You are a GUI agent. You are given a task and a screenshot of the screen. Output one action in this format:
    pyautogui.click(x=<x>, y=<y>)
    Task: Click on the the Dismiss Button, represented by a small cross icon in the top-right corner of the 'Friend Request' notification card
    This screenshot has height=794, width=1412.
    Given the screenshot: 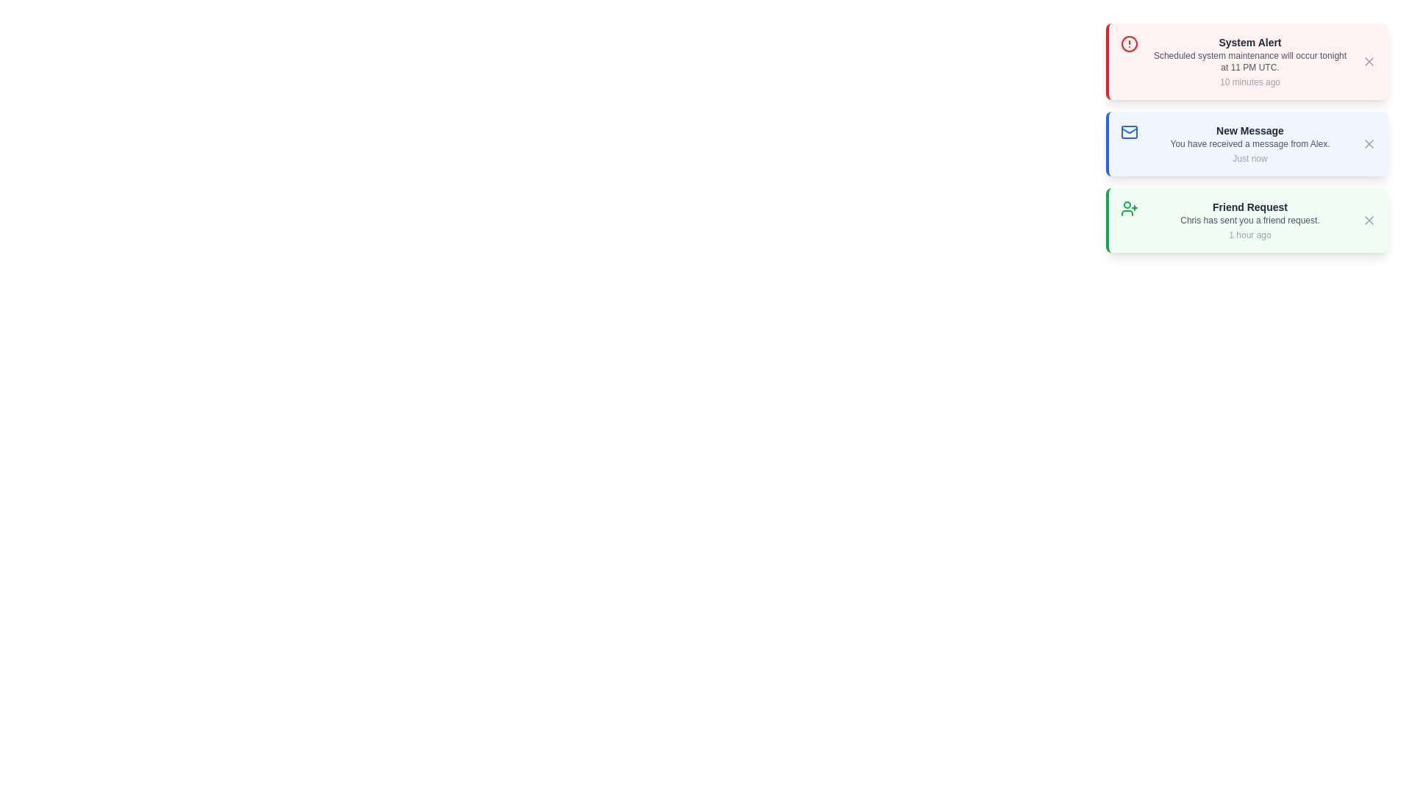 What is the action you would take?
    pyautogui.click(x=1369, y=221)
    